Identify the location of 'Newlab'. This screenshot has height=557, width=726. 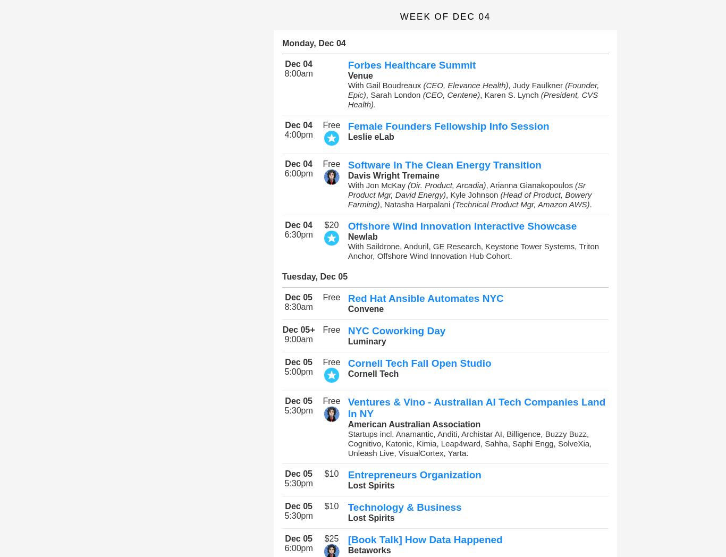
(347, 236).